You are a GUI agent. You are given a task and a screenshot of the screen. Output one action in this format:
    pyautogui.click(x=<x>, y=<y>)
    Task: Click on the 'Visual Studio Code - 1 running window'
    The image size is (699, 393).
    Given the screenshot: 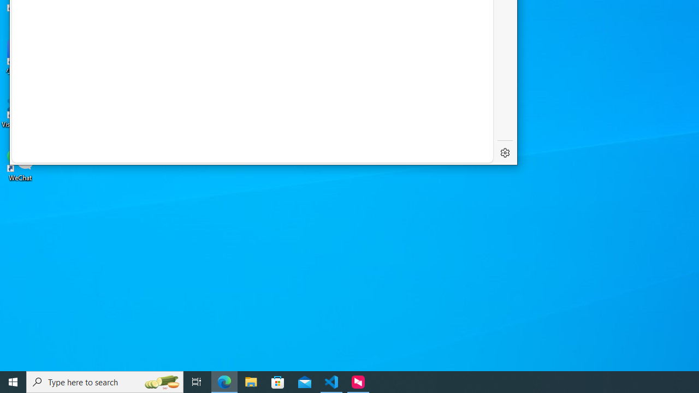 What is the action you would take?
    pyautogui.click(x=331, y=381)
    